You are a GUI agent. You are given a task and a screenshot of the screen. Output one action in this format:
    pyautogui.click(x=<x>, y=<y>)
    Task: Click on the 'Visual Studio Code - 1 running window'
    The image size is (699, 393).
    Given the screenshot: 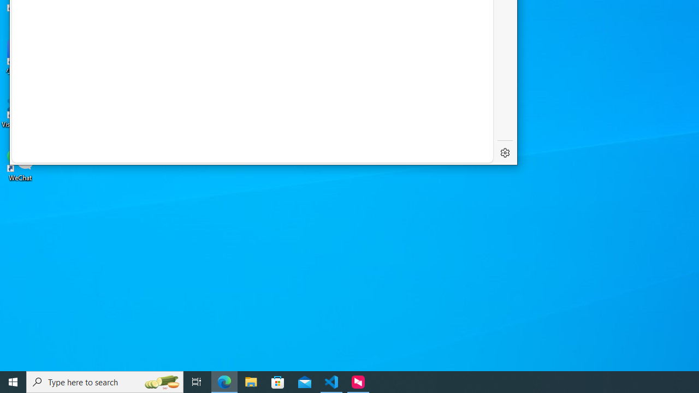 What is the action you would take?
    pyautogui.click(x=331, y=381)
    